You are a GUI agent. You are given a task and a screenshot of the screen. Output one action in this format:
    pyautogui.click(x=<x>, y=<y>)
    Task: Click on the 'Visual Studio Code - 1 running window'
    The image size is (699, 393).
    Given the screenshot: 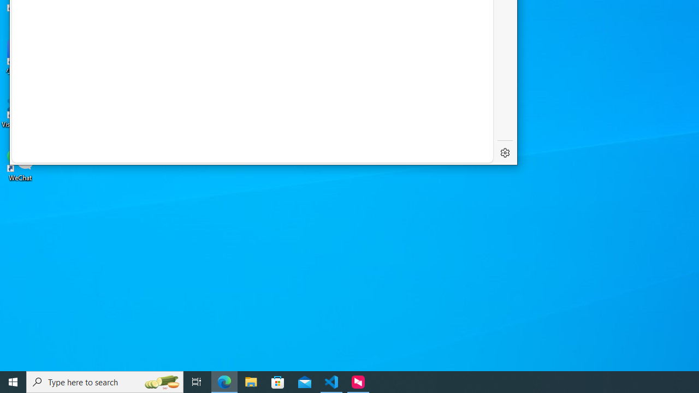 What is the action you would take?
    pyautogui.click(x=331, y=381)
    